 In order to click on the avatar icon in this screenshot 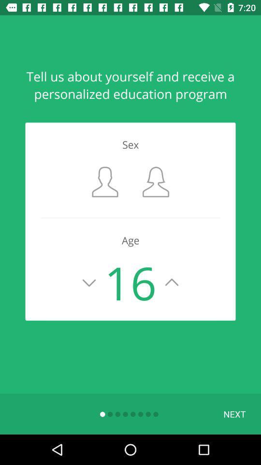, I will do `click(156, 181)`.